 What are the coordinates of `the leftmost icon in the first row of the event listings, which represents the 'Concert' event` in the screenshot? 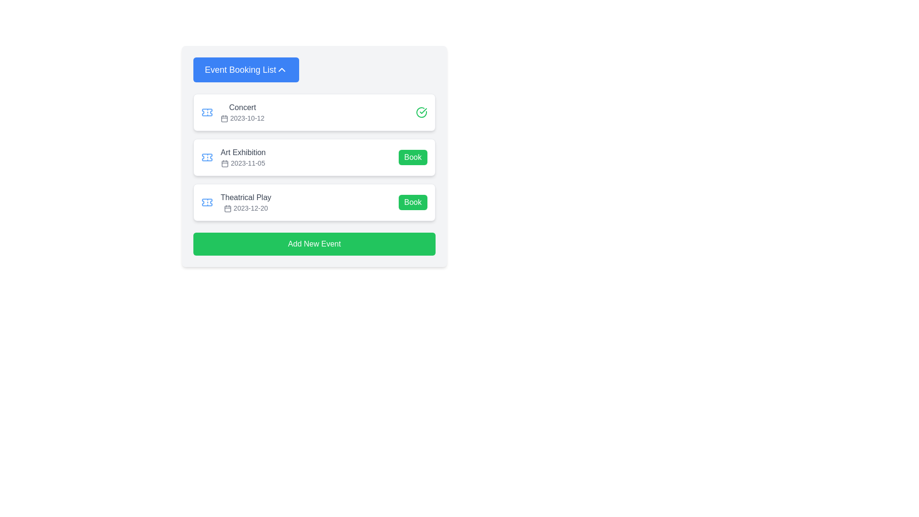 It's located at (206, 112).